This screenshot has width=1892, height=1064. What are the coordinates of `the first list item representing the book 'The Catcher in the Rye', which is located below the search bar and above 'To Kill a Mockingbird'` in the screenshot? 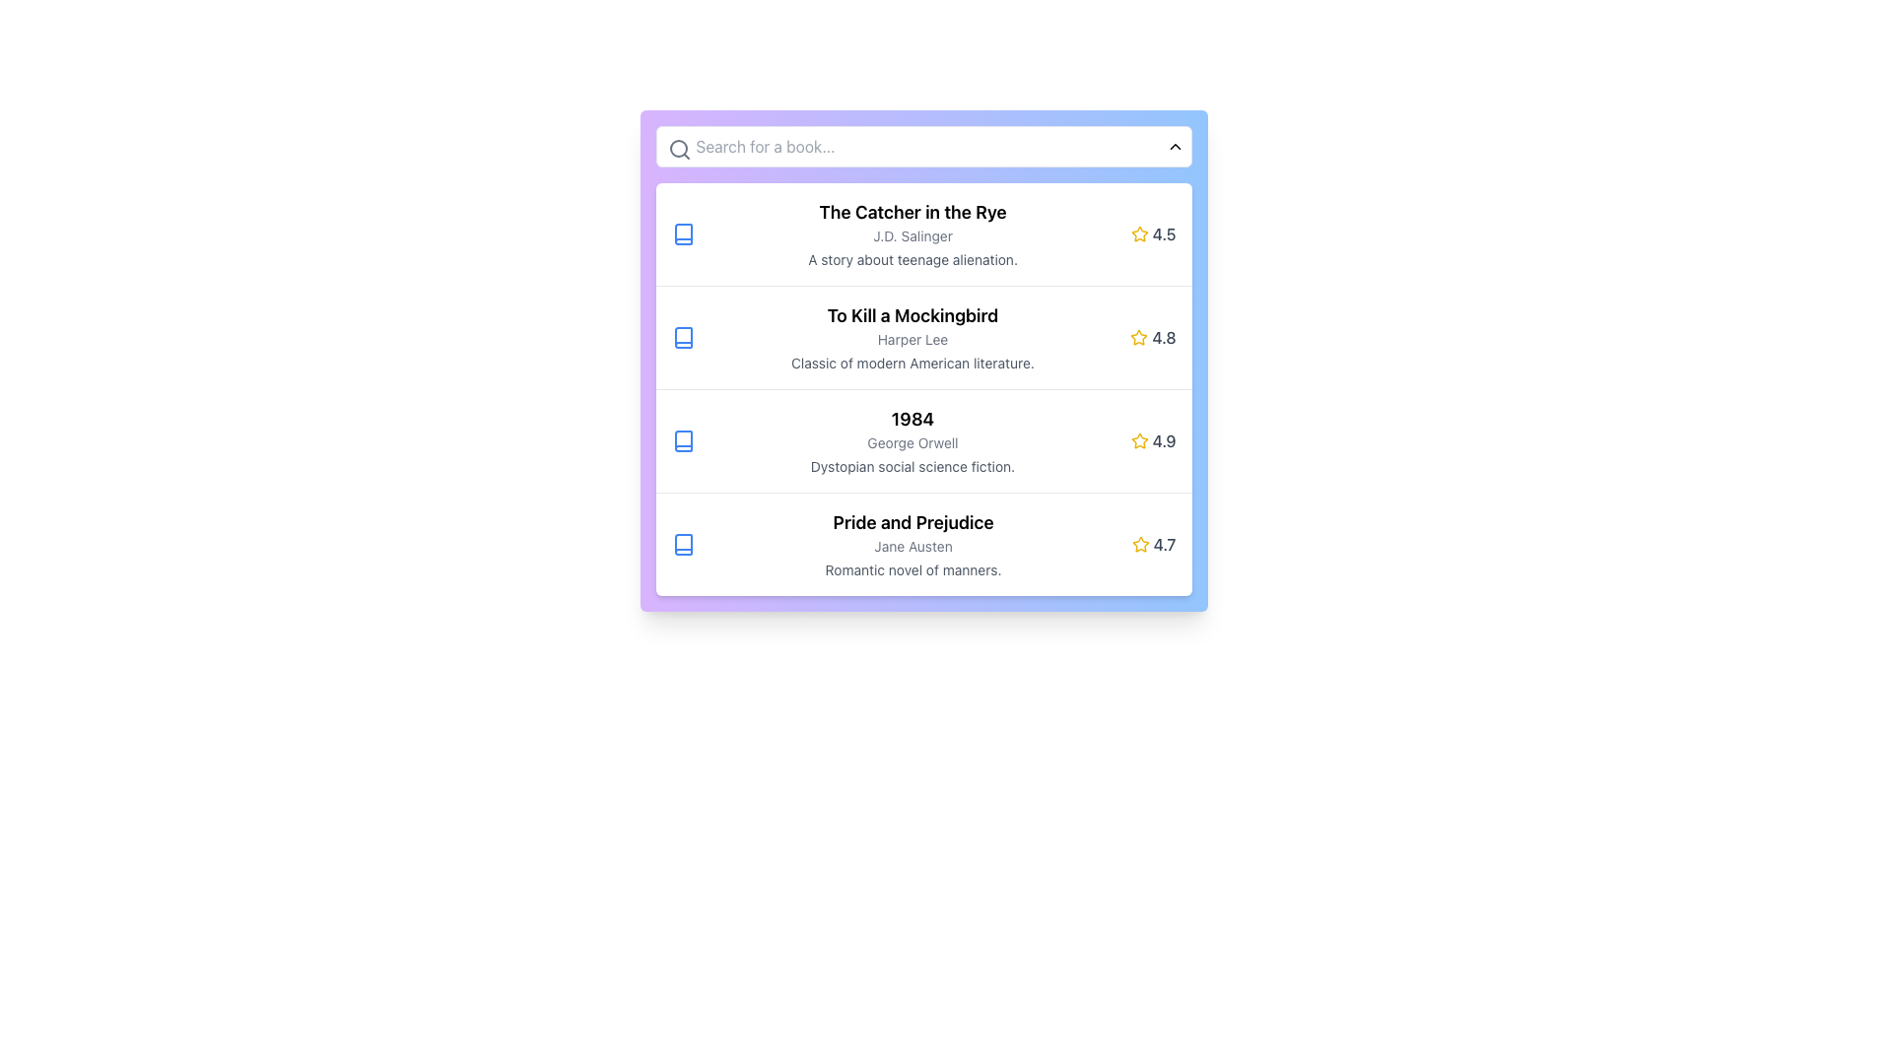 It's located at (922, 233).